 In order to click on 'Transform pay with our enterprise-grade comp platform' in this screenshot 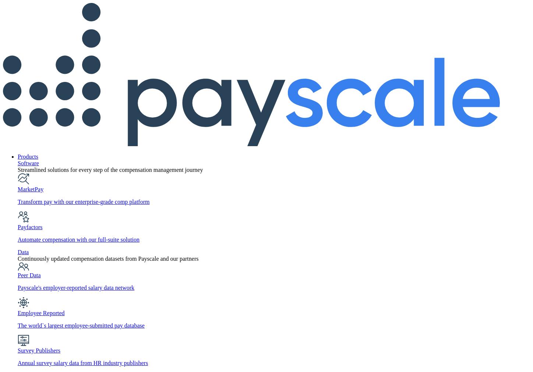, I will do `click(84, 202)`.